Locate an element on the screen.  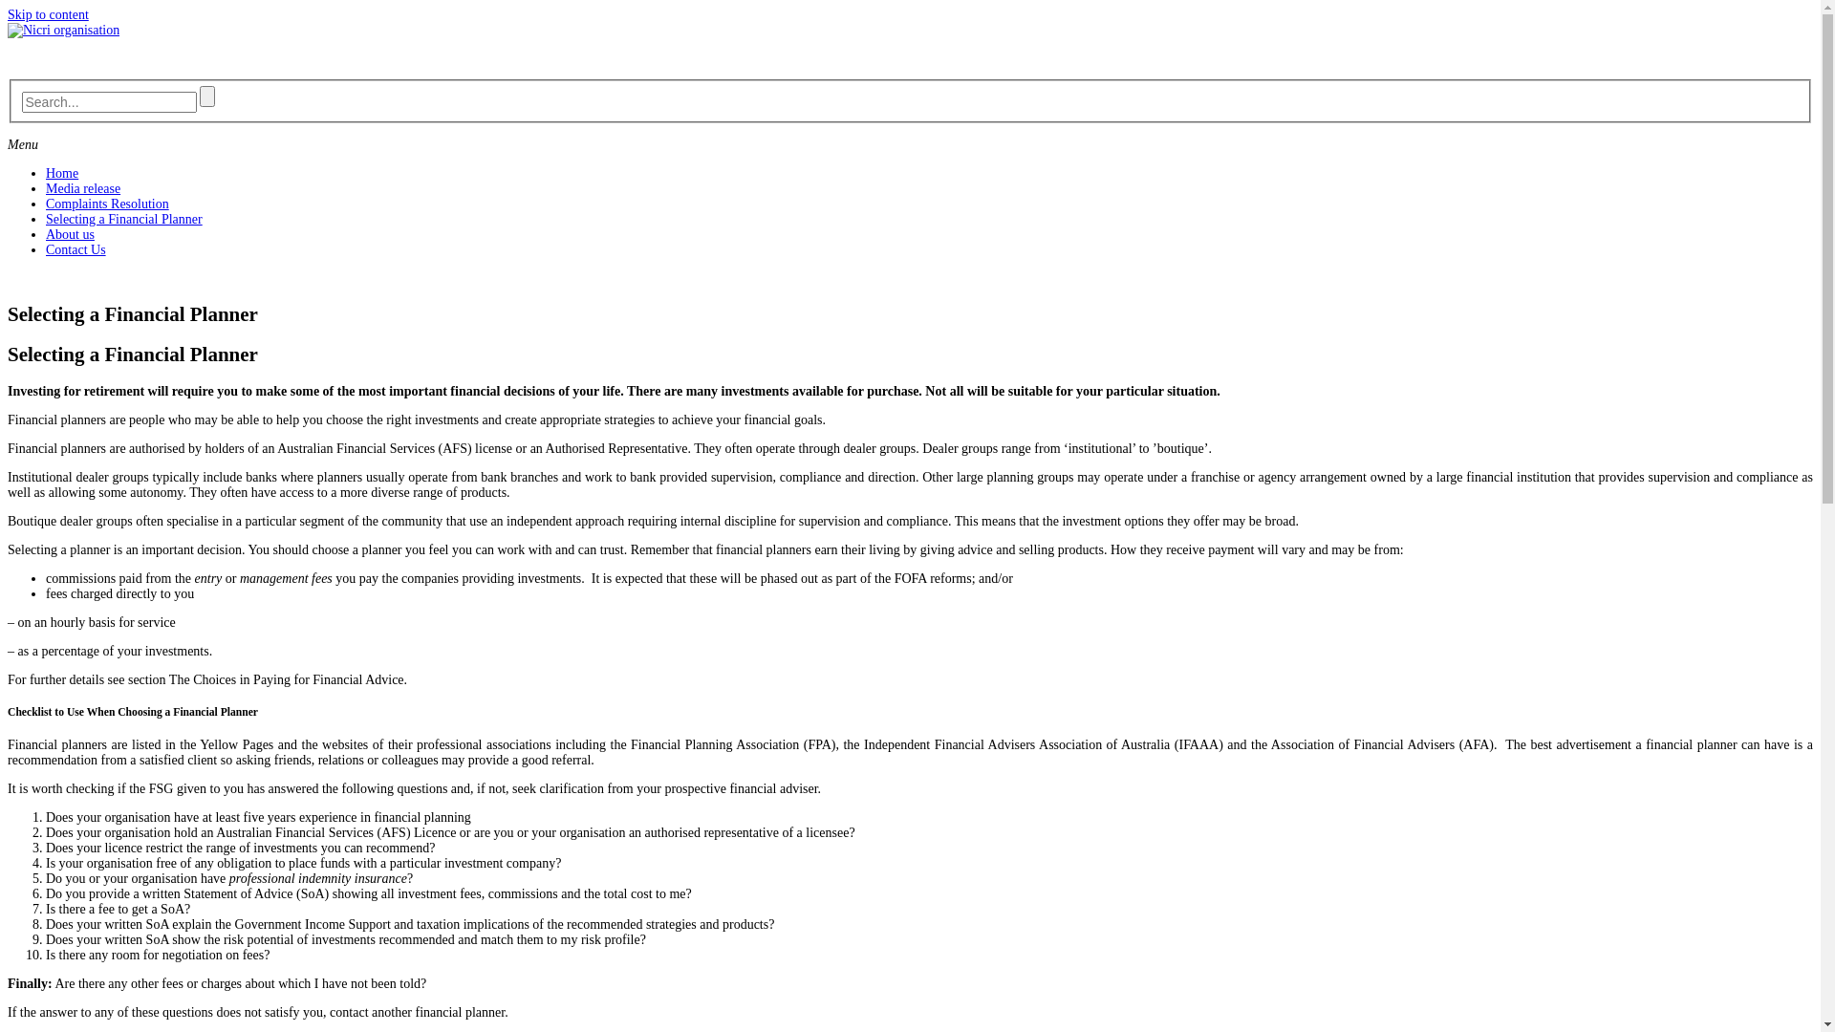
'Contact Us' is located at coordinates (76, 248).